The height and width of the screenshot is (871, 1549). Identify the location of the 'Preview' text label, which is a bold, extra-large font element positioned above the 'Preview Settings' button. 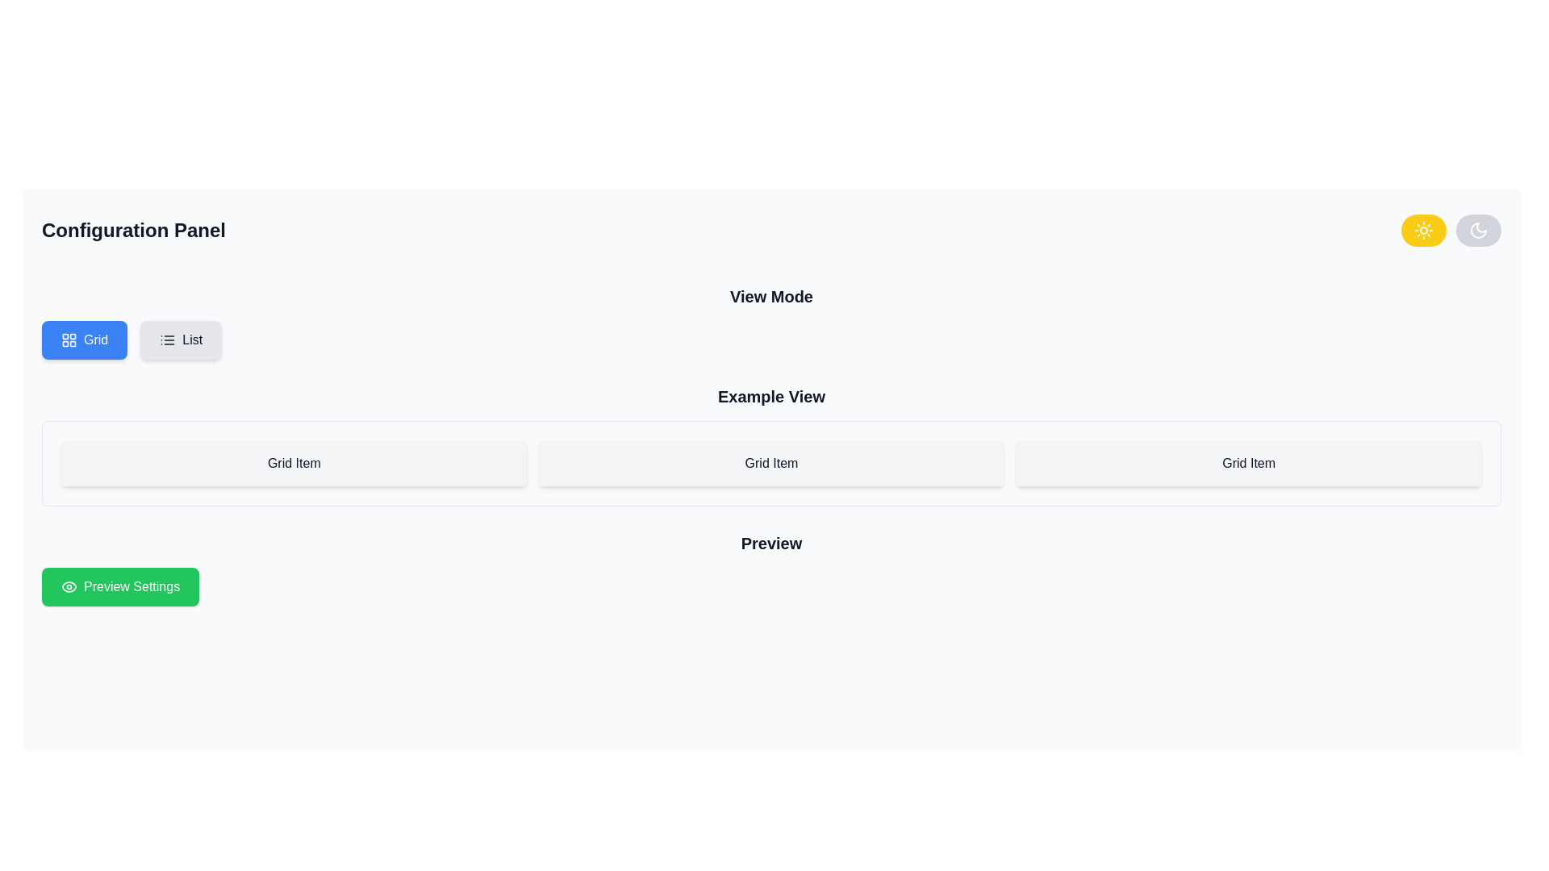
(770, 544).